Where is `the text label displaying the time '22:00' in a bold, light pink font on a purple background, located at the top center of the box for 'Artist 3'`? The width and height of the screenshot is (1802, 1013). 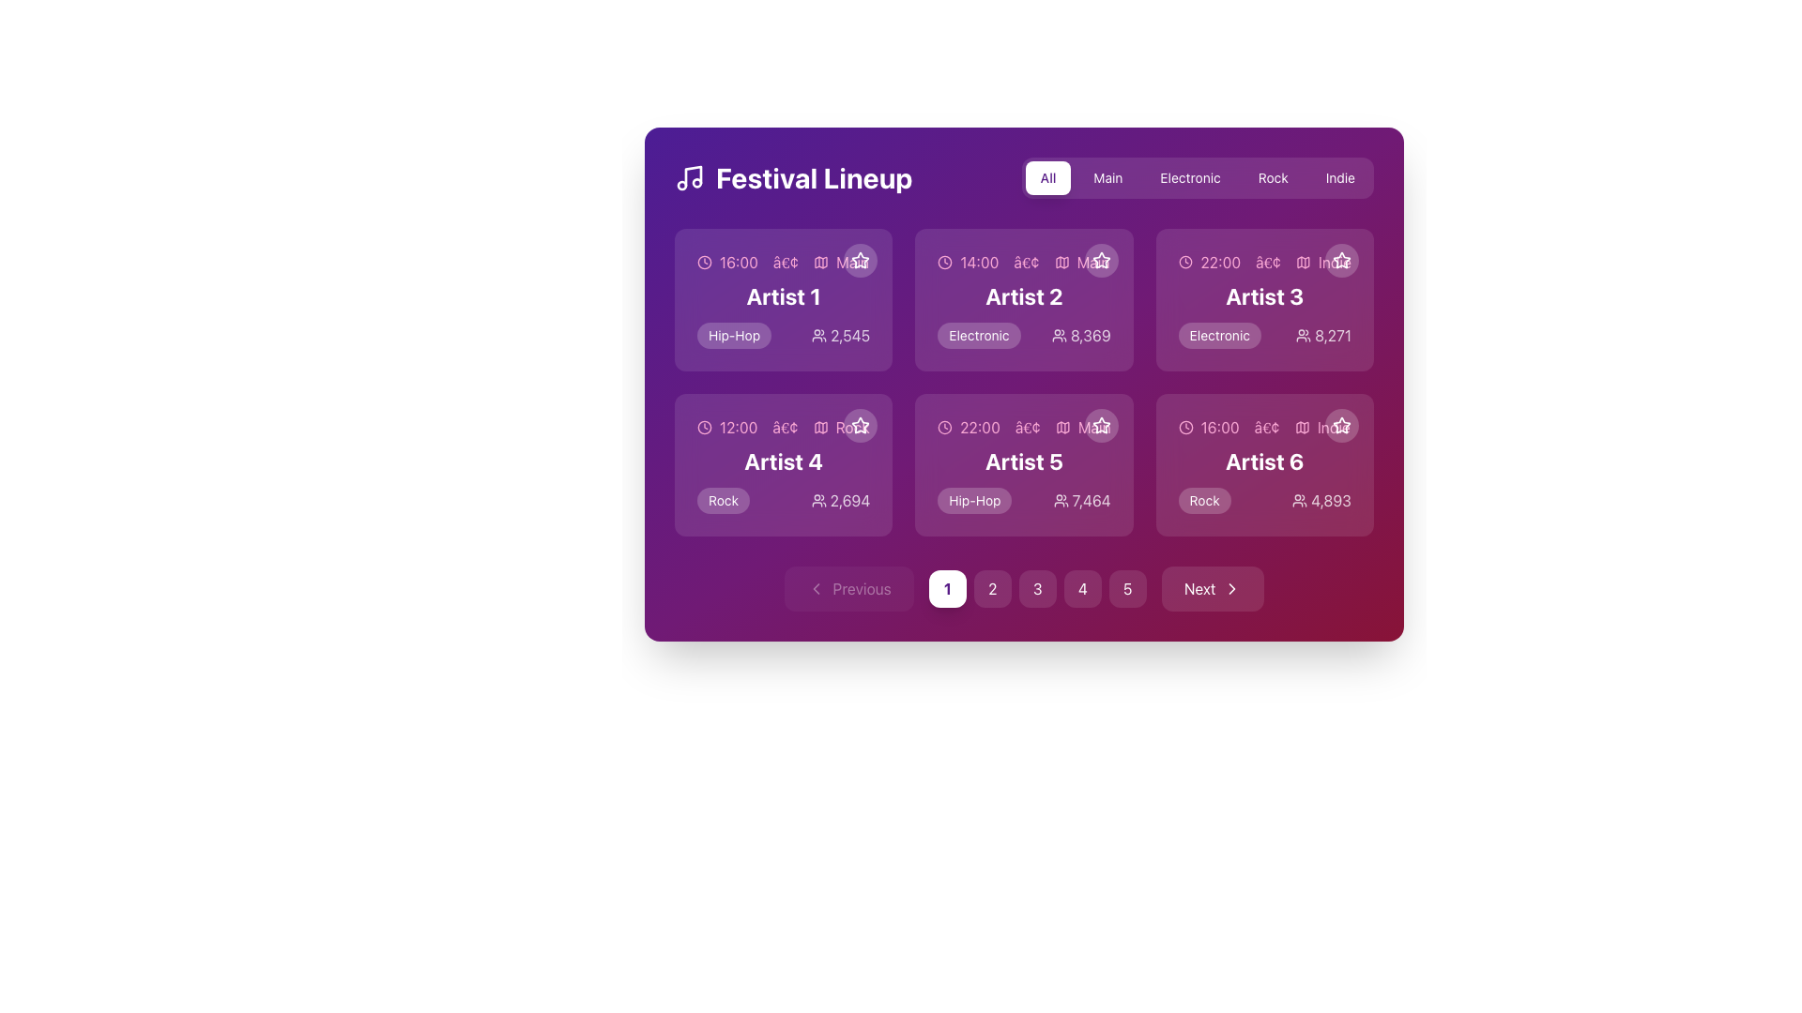
the text label displaying the time '22:00' in a bold, light pink font on a purple background, located at the top center of the box for 'Artist 3' is located at coordinates (1220, 263).